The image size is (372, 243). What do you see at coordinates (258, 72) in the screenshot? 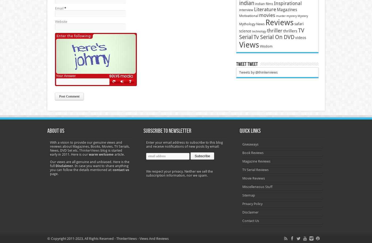
I see `'Tweets by @thinkerviews'` at bounding box center [258, 72].